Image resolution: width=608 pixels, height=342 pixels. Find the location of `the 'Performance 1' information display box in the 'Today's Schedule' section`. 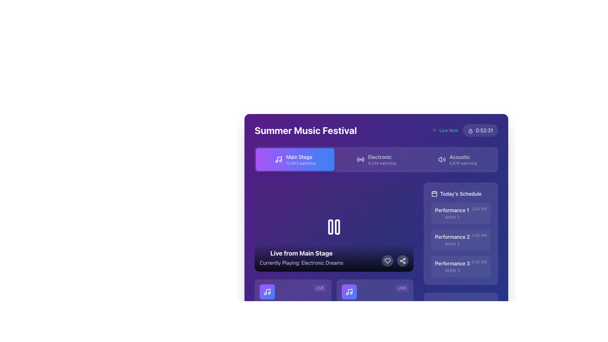

the 'Performance 1' information display box in the 'Today's Schedule' section is located at coordinates (452, 213).